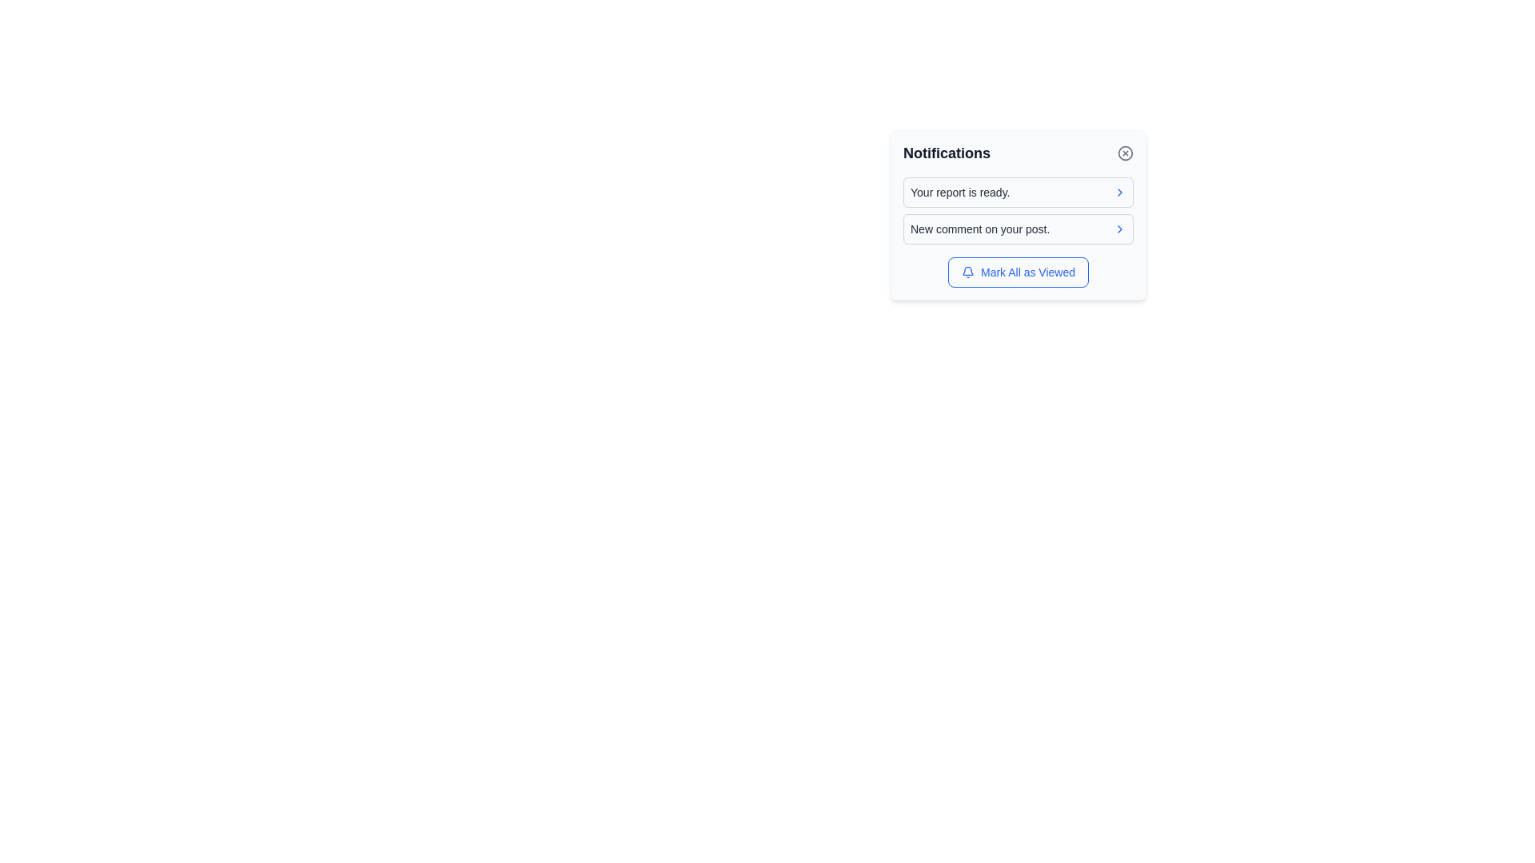  I want to click on the interactive chevron icon located at the far right end of the notification entry that states 'Your report is ready.', so click(1119, 191).